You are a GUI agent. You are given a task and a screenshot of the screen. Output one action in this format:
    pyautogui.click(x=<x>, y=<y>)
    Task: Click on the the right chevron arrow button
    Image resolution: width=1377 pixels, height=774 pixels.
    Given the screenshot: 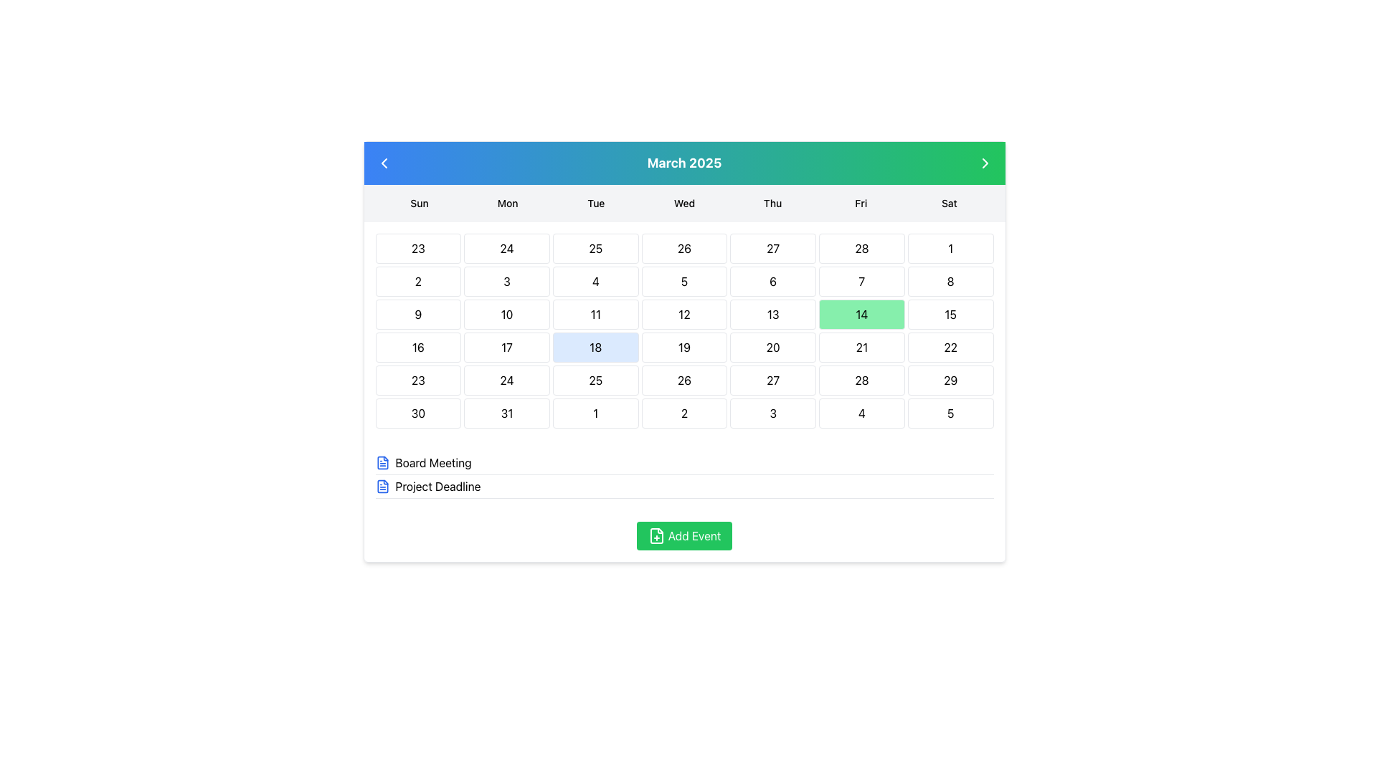 What is the action you would take?
    pyautogui.click(x=984, y=162)
    